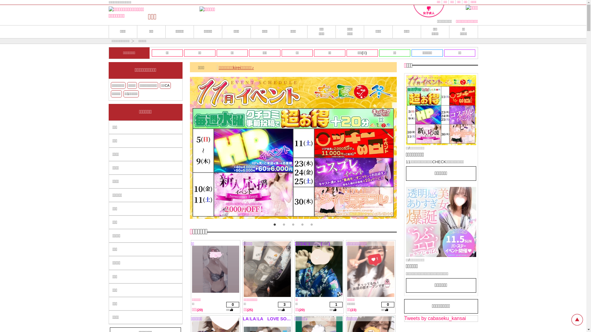  Describe the element at coordinates (302, 225) in the screenshot. I see `'4'` at that location.